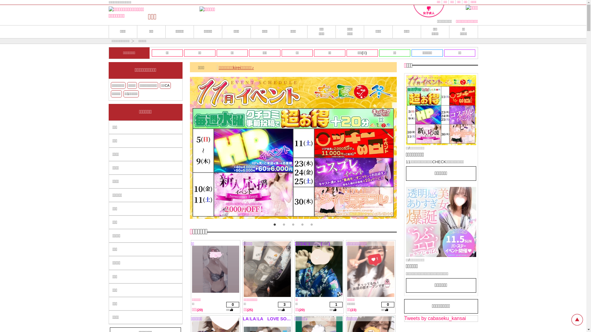  Describe the element at coordinates (302, 225) in the screenshot. I see `'4'` at that location.